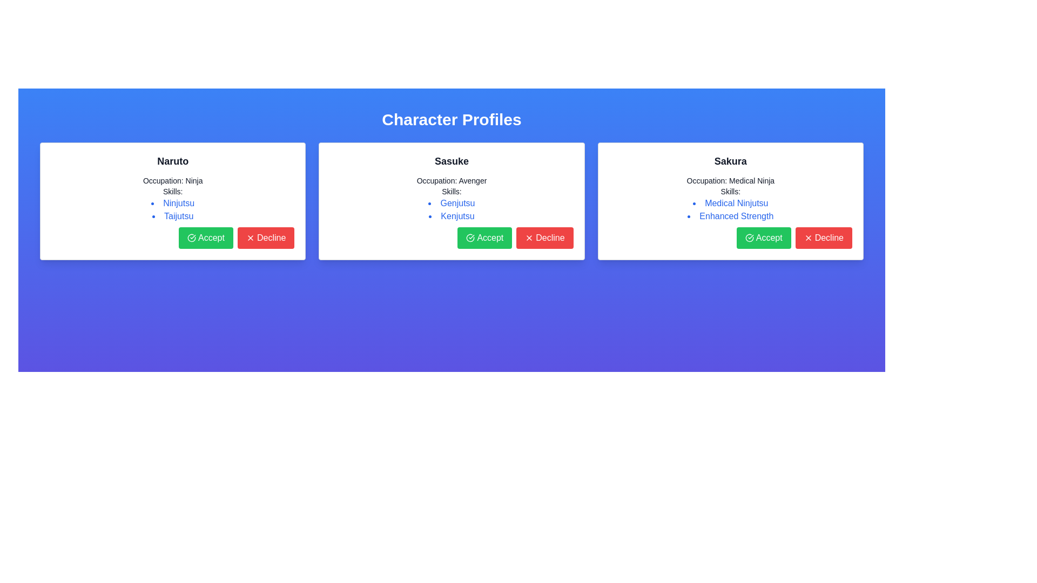 The width and height of the screenshot is (1037, 583). I want to click on the outlined circular design component of the check mark icon in the profile card for 'Sasuke', so click(470, 237).